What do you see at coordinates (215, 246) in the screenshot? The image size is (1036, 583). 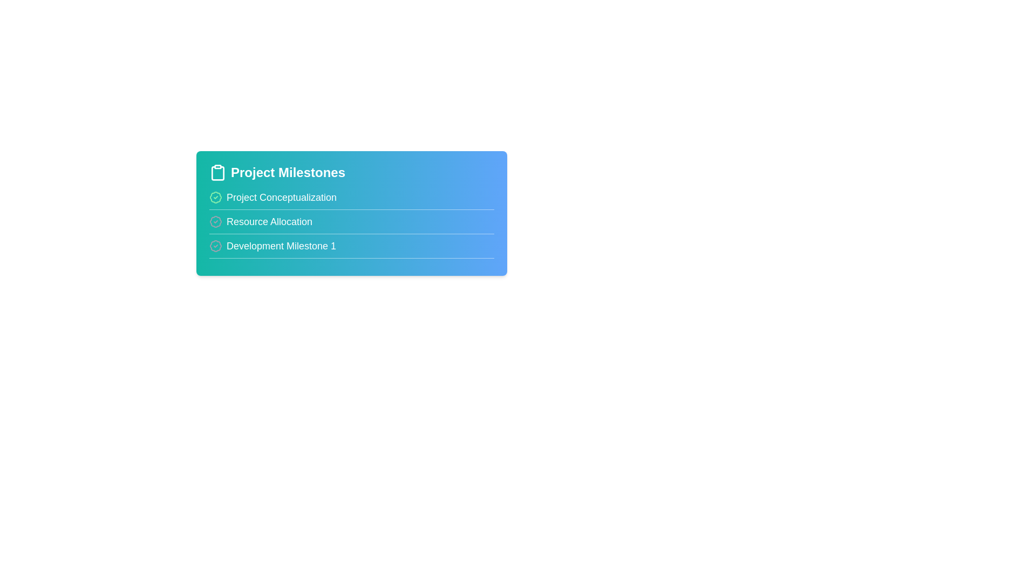 I see `the milestone icon for Development Milestone 1 to toggle its state` at bounding box center [215, 246].